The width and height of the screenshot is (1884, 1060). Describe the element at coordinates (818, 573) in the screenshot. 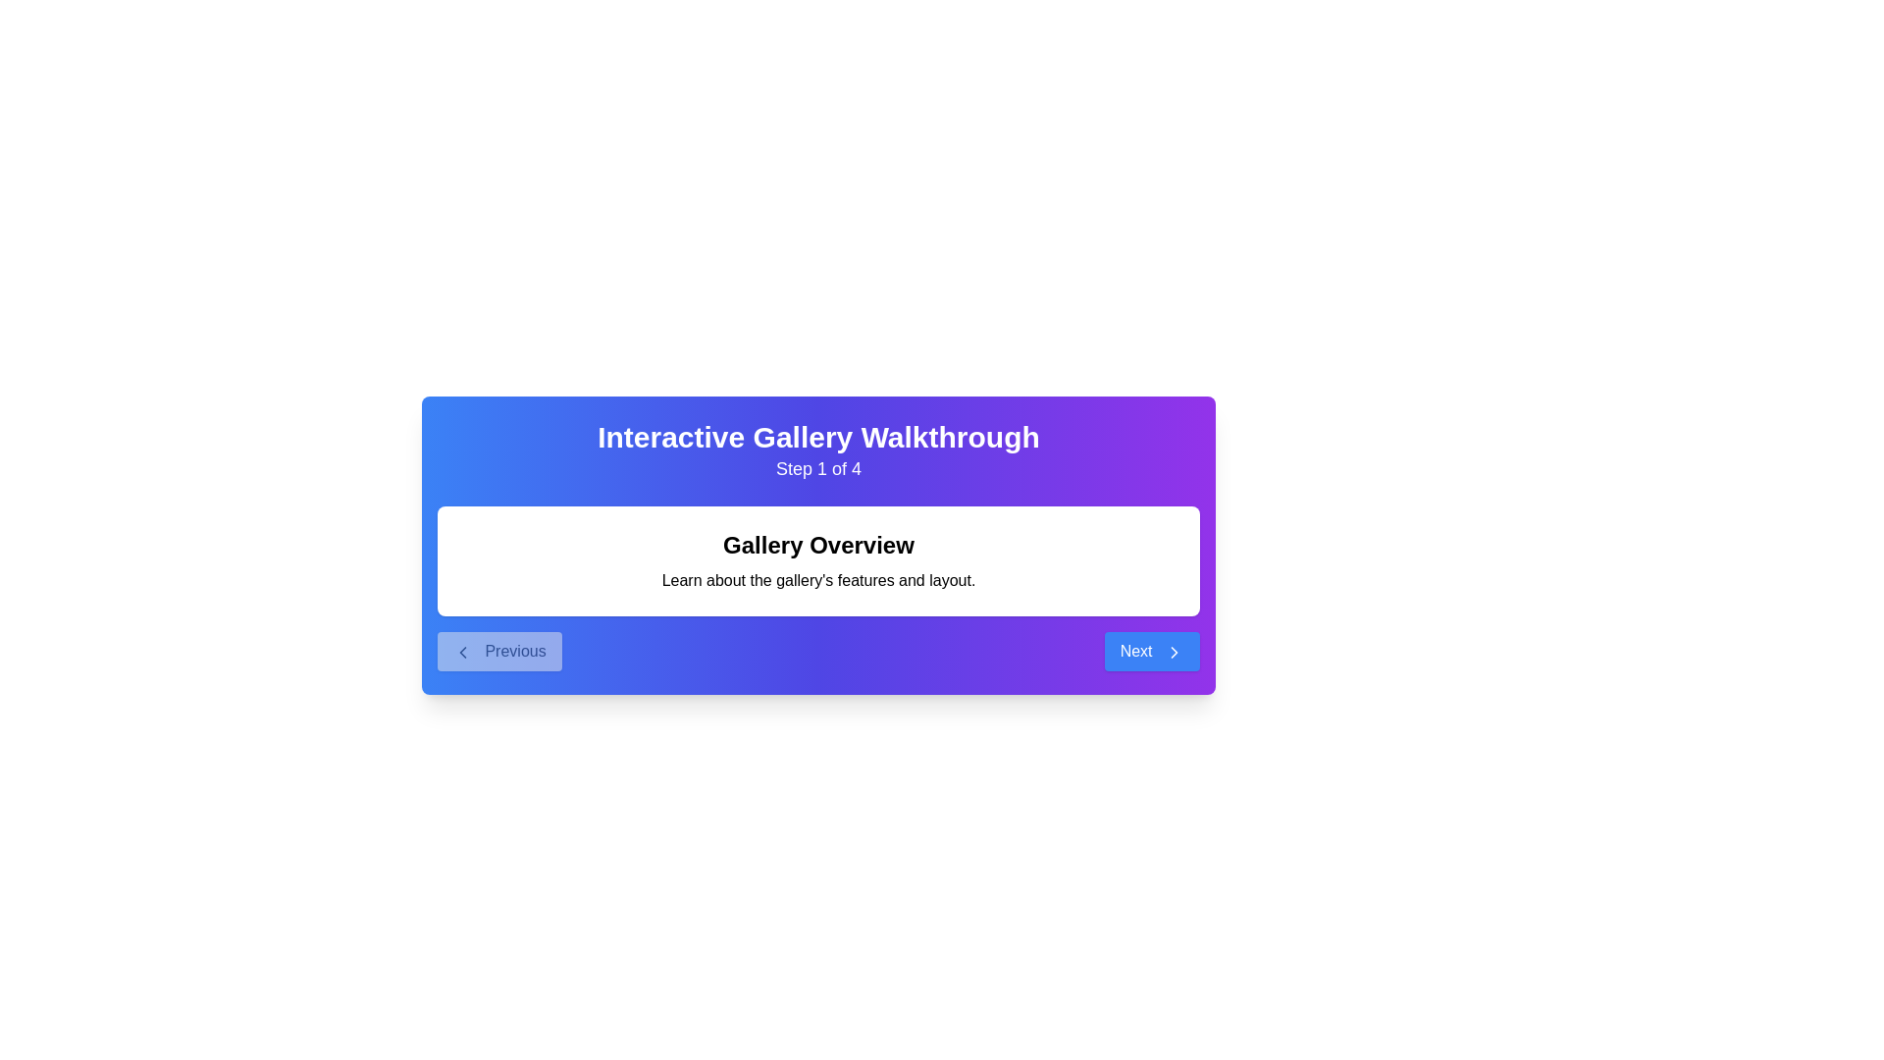

I see `the Informational Card located at the center of the interface, positioned below the header and above the navigation buttons labeled 'Previous' and 'Next'` at that location.